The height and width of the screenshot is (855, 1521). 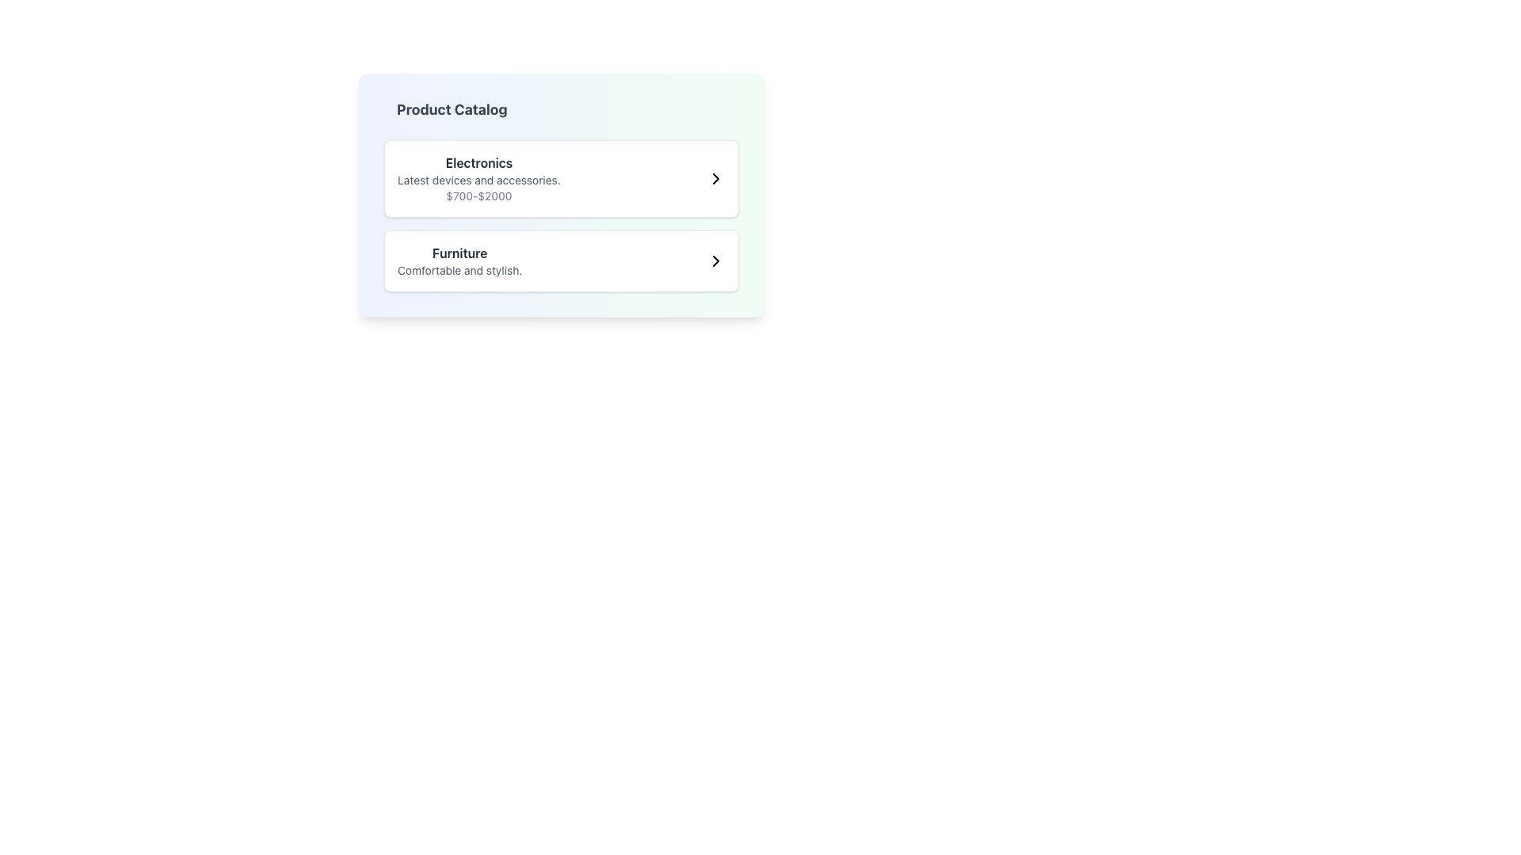 What do you see at coordinates (459, 270) in the screenshot?
I see `the text description element that provides additional details about the 'Furniture' category, which is positioned directly below the 'Furniture' title` at bounding box center [459, 270].